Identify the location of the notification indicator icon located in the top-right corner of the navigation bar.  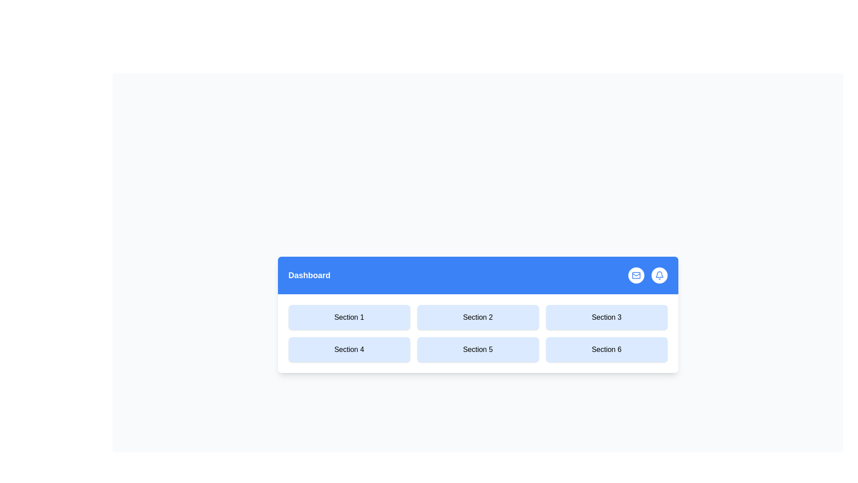
(659, 275).